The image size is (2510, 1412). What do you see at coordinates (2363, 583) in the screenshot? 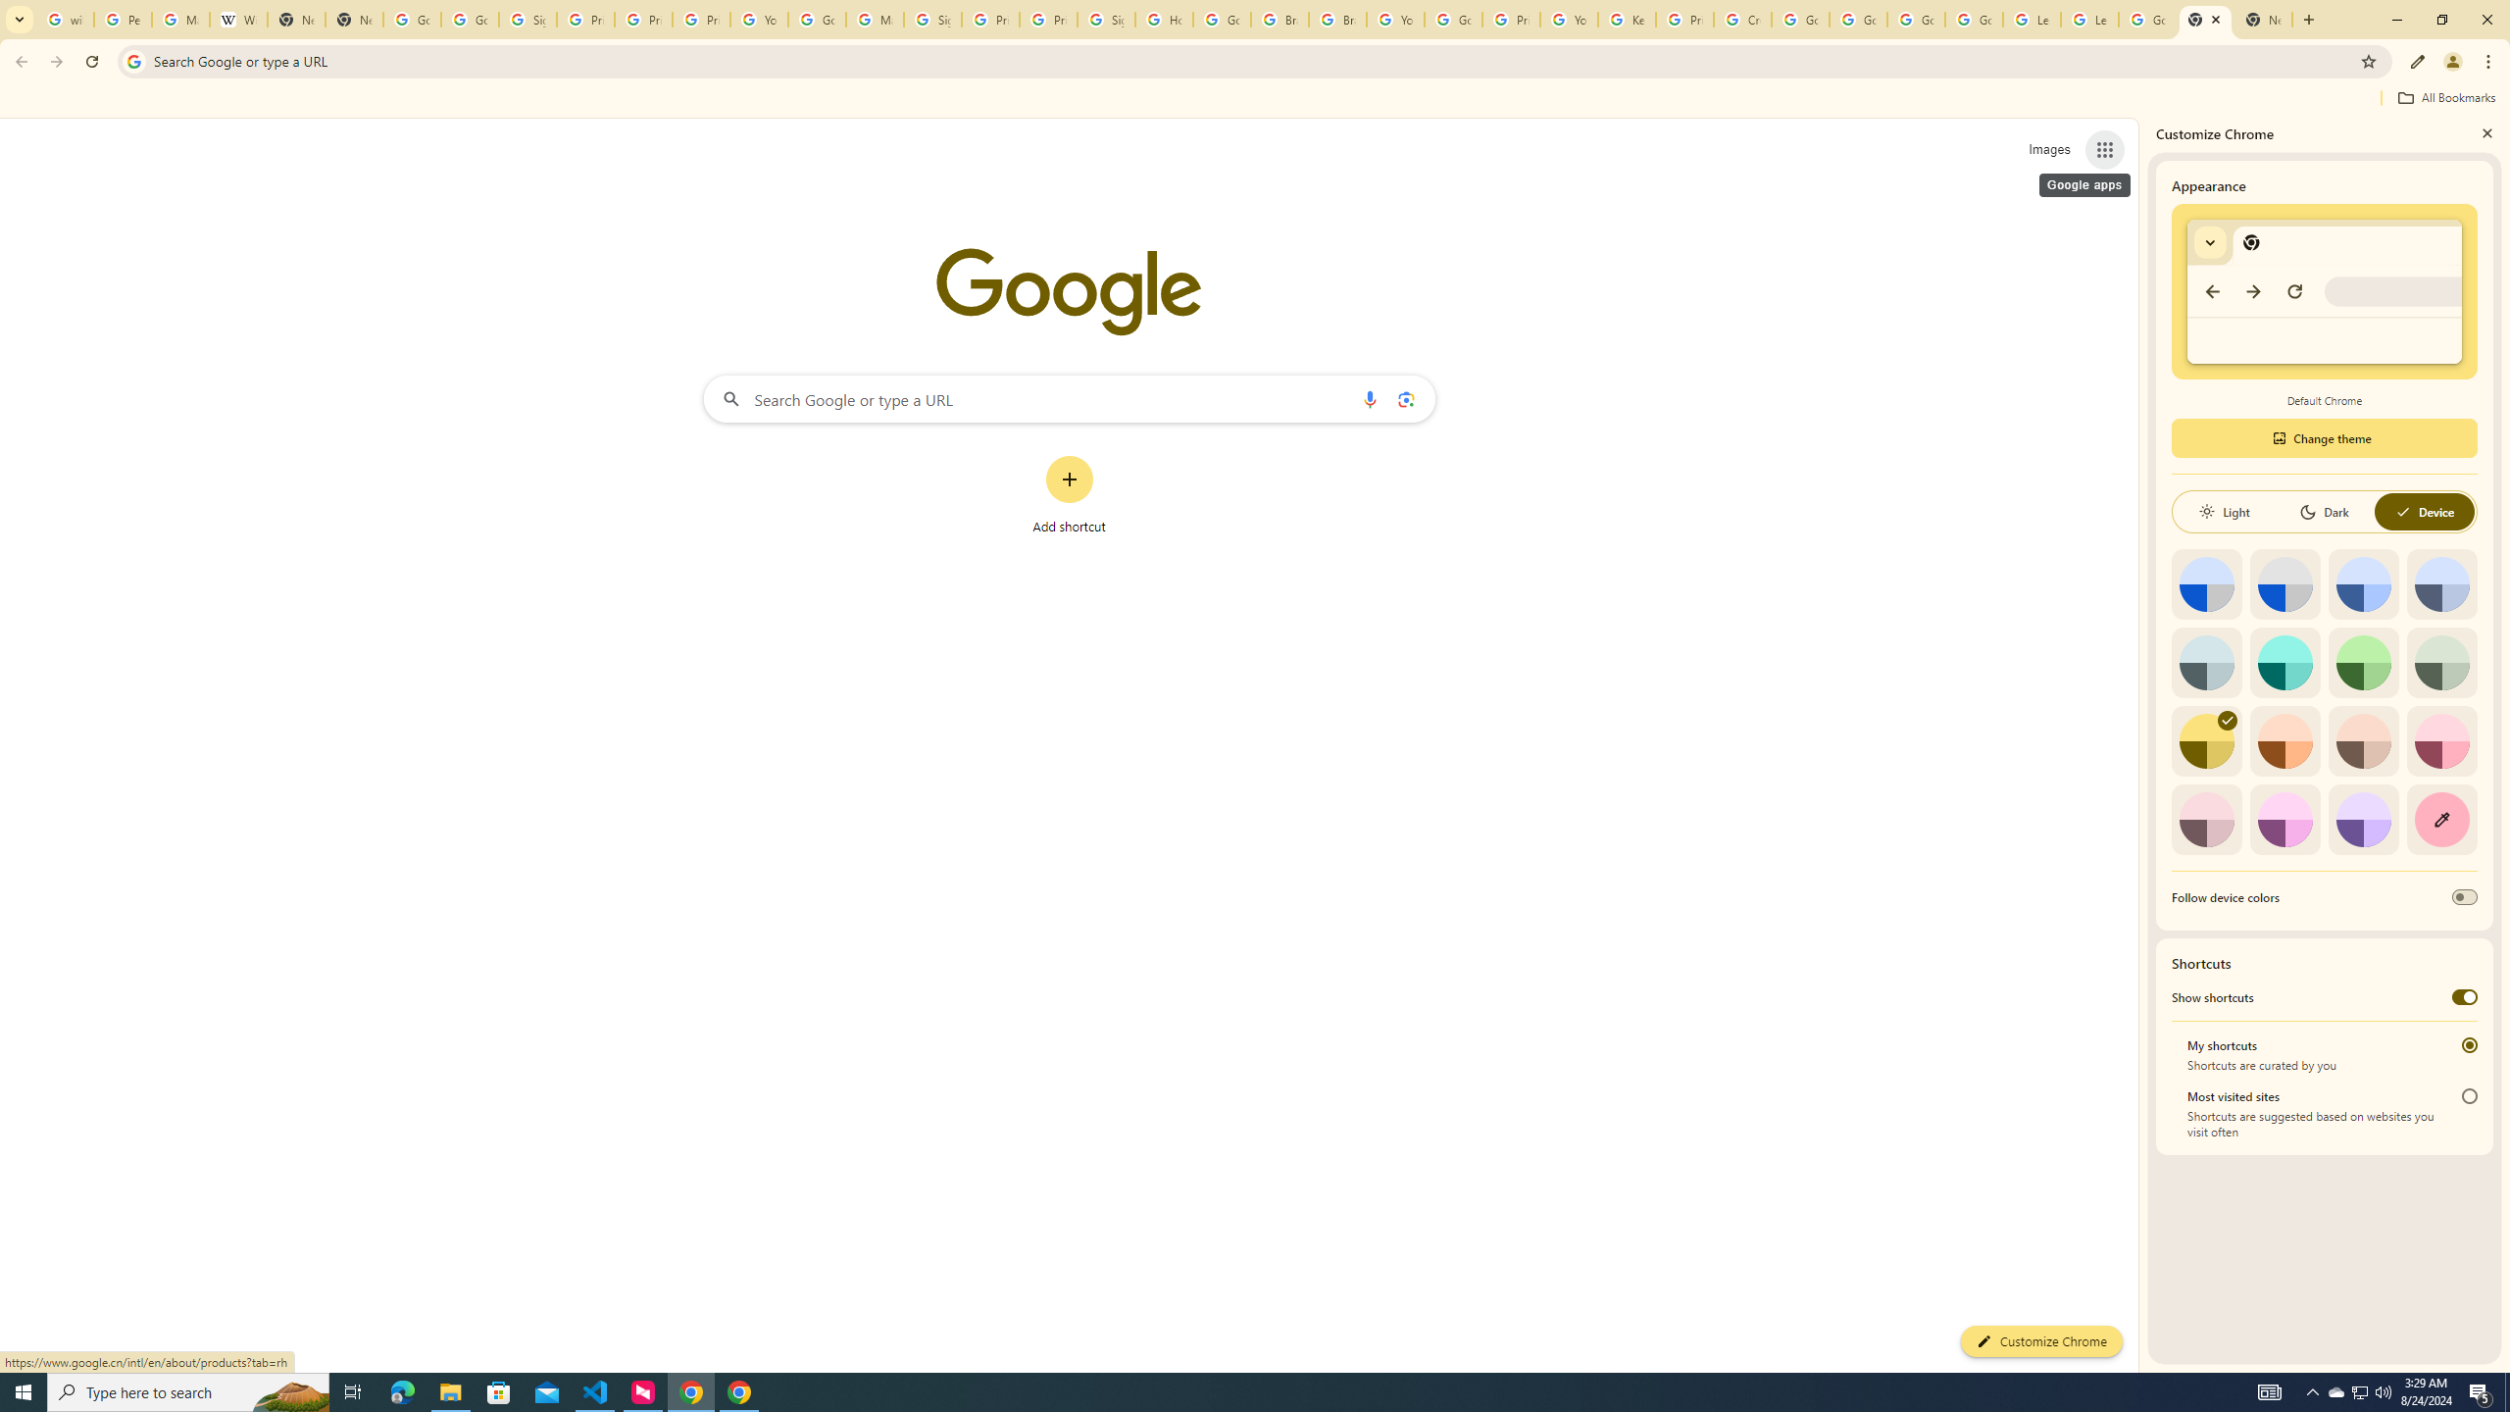
I see `'Blue'` at bounding box center [2363, 583].